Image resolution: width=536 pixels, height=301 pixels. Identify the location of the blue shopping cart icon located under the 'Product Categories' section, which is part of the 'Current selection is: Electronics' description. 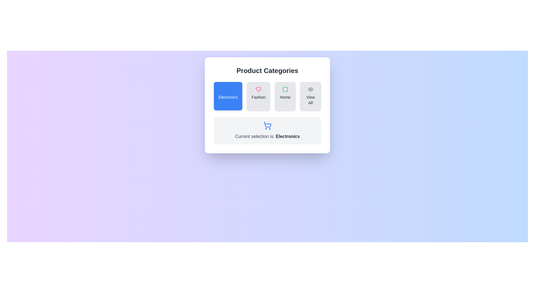
(267, 126).